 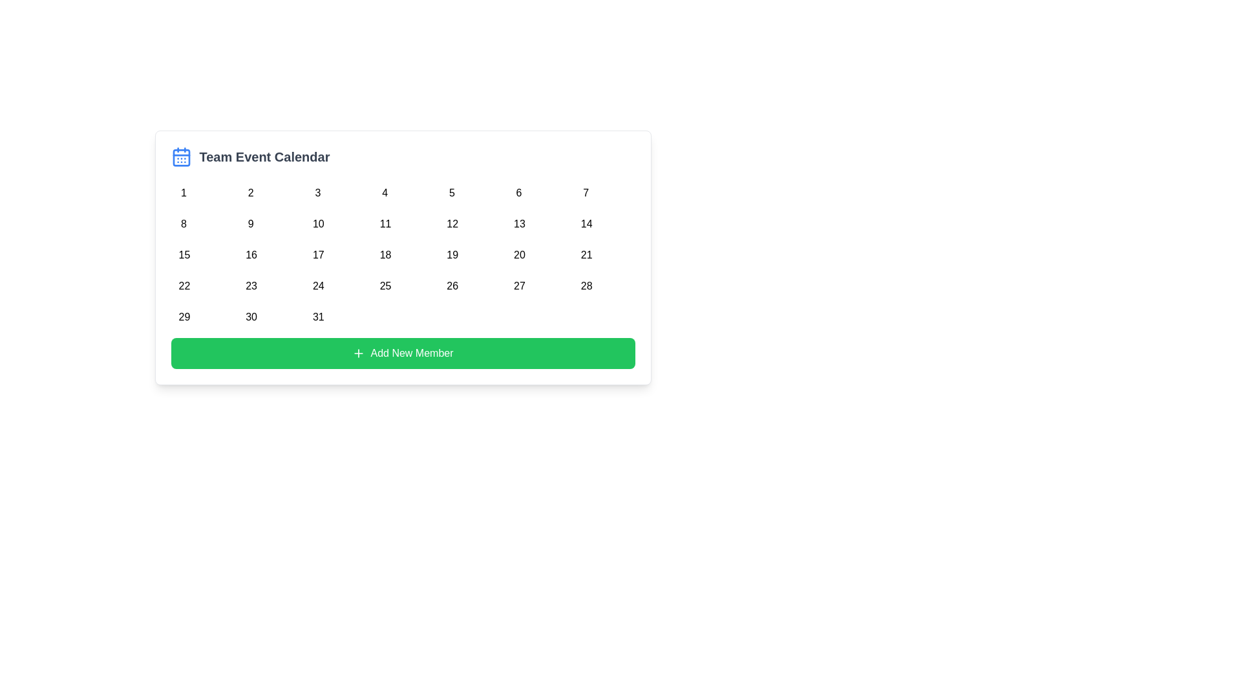 I want to click on the button displaying the numeric value '7', so click(x=585, y=190).